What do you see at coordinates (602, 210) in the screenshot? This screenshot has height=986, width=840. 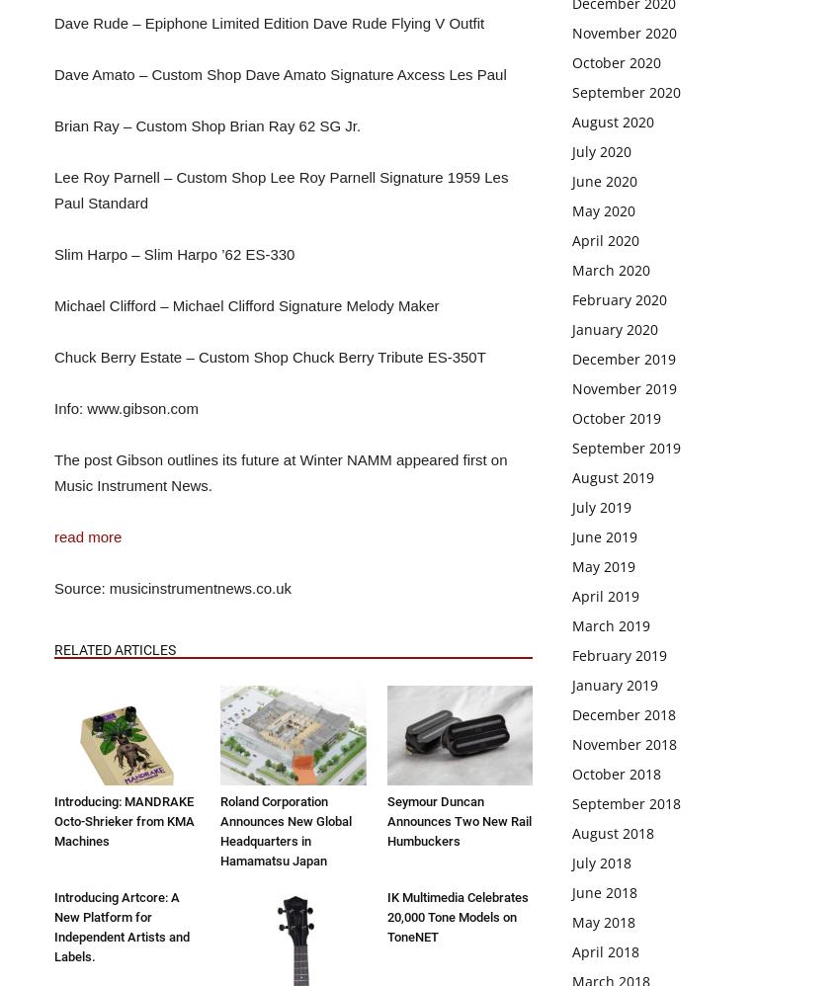 I see `'May 2020'` at bounding box center [602, 210].